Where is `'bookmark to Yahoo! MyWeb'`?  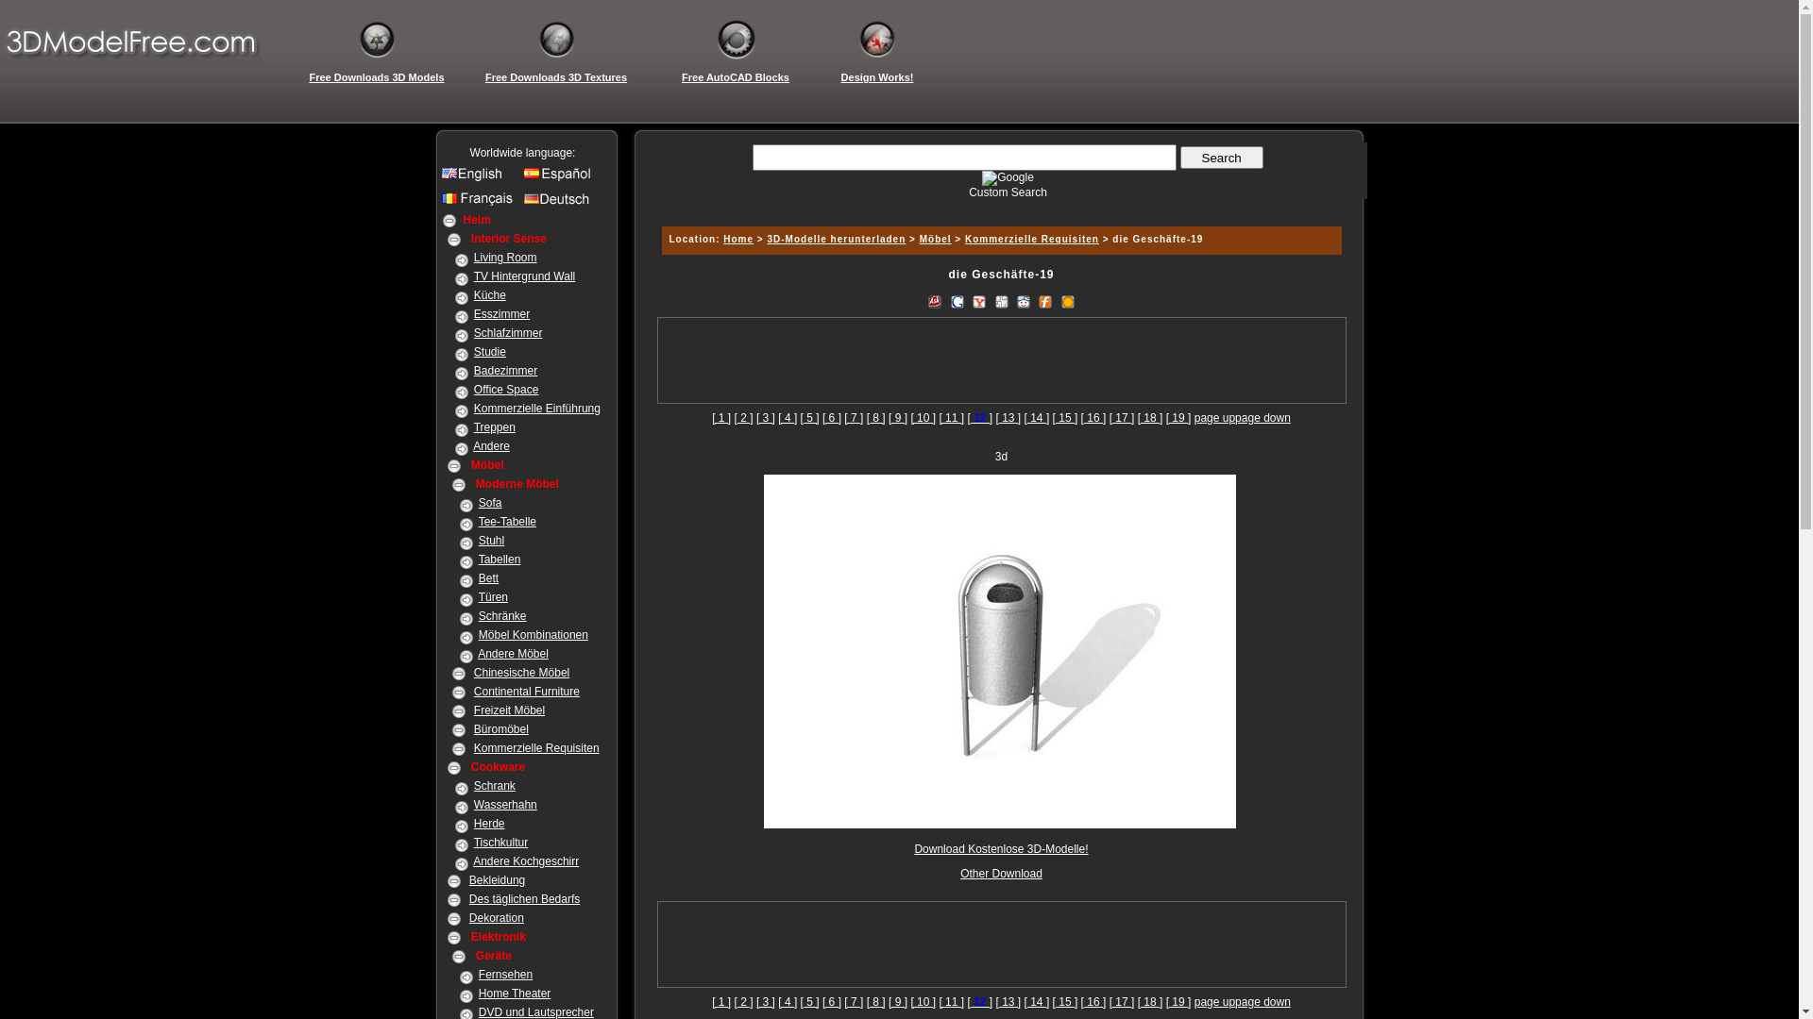
'bookmark to Yahoo! MyWeb' is located at coordinates (978, 300).